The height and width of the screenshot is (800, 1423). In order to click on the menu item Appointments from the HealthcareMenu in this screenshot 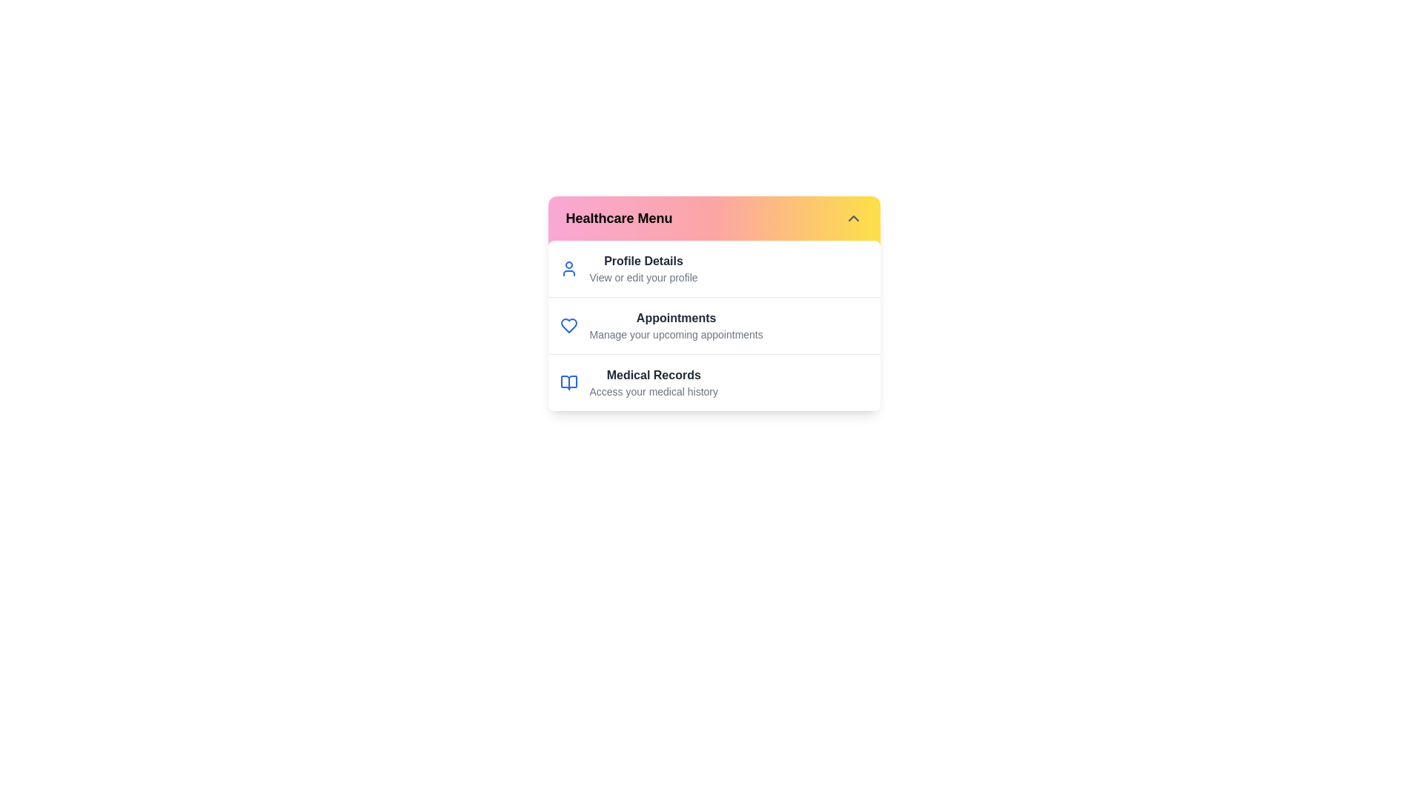, I will do `click(675, 324)`.